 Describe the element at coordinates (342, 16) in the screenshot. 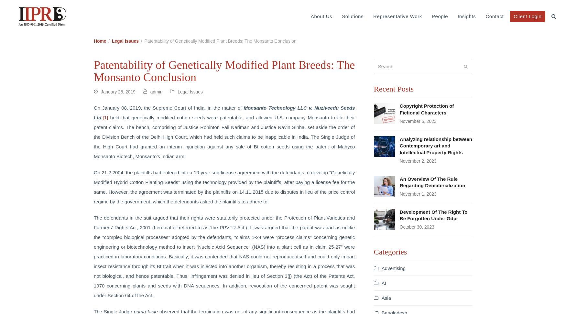

I see `'Solutions'` at that location.